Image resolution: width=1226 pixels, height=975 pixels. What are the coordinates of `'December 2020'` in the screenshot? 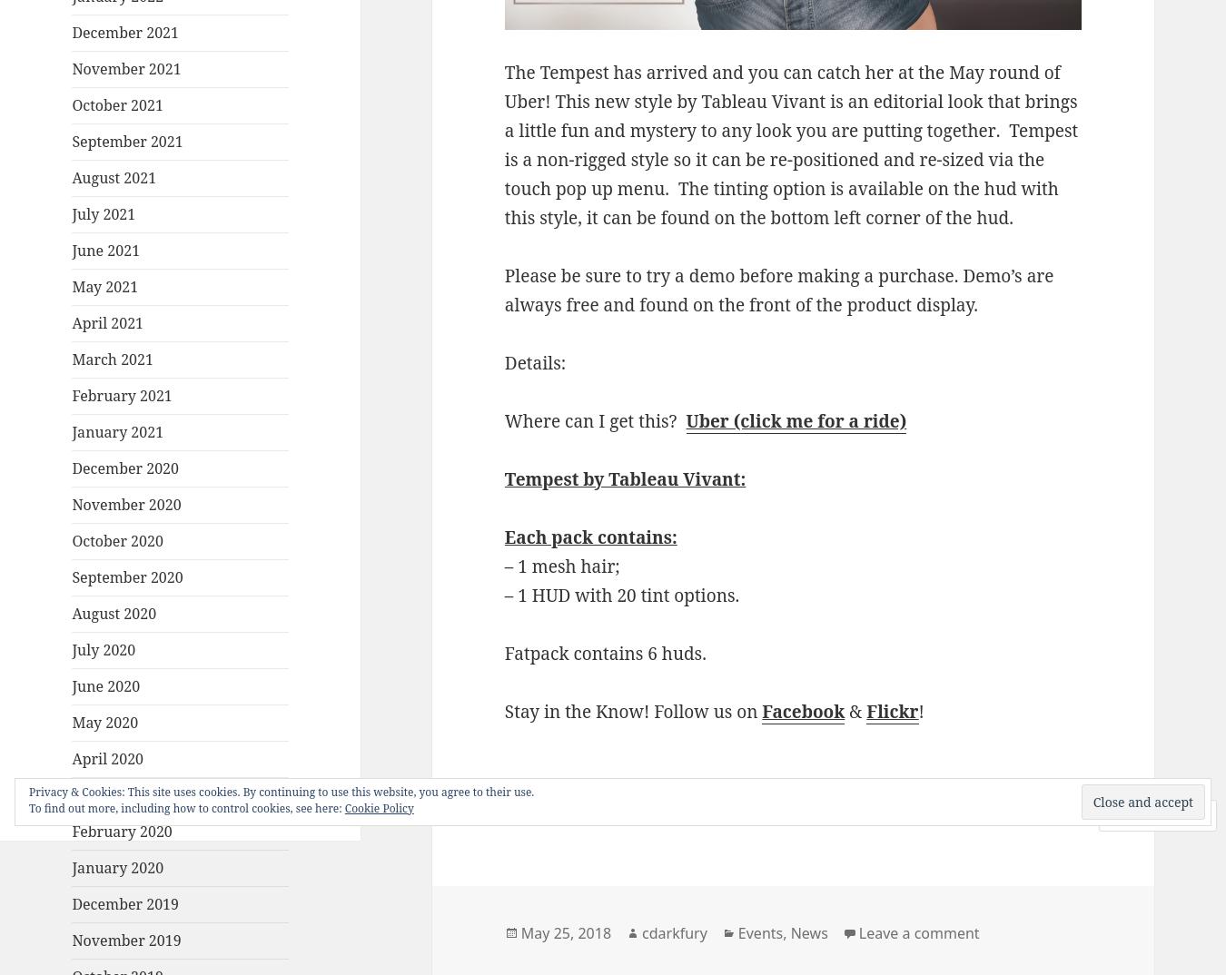 It's located at (124, 468).